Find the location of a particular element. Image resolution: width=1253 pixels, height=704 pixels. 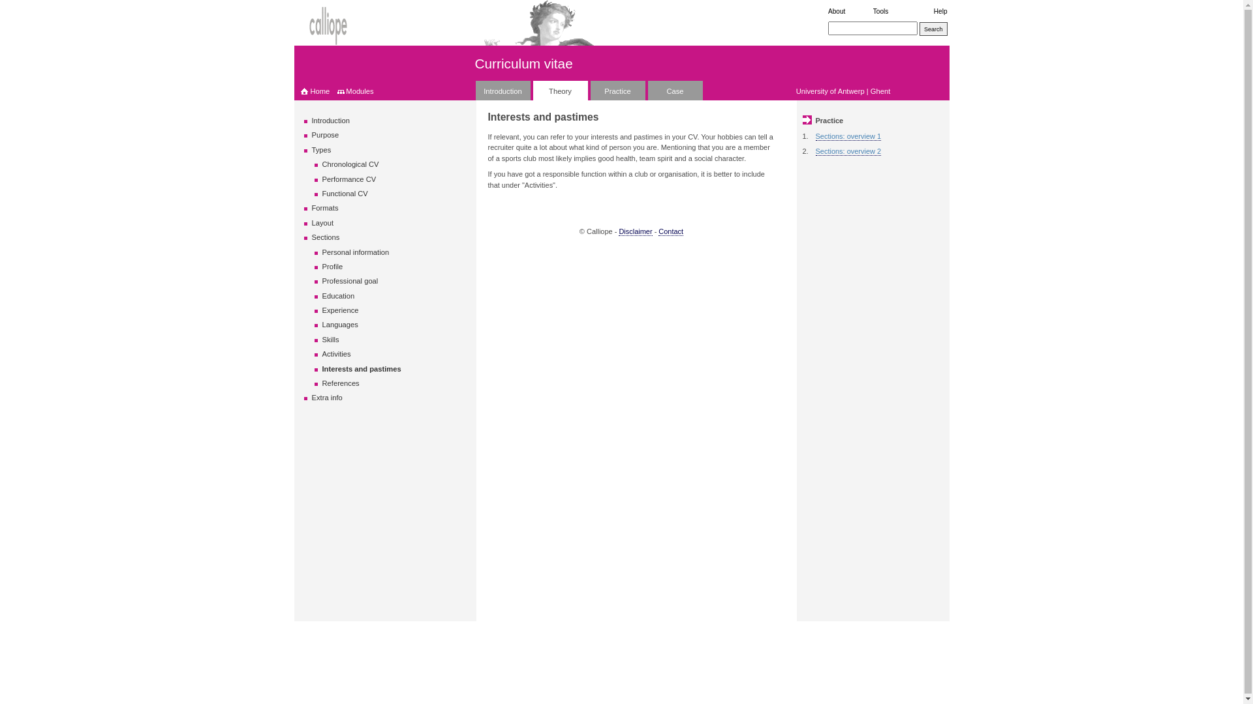

'Modules' is located at coordinates (345, 90).